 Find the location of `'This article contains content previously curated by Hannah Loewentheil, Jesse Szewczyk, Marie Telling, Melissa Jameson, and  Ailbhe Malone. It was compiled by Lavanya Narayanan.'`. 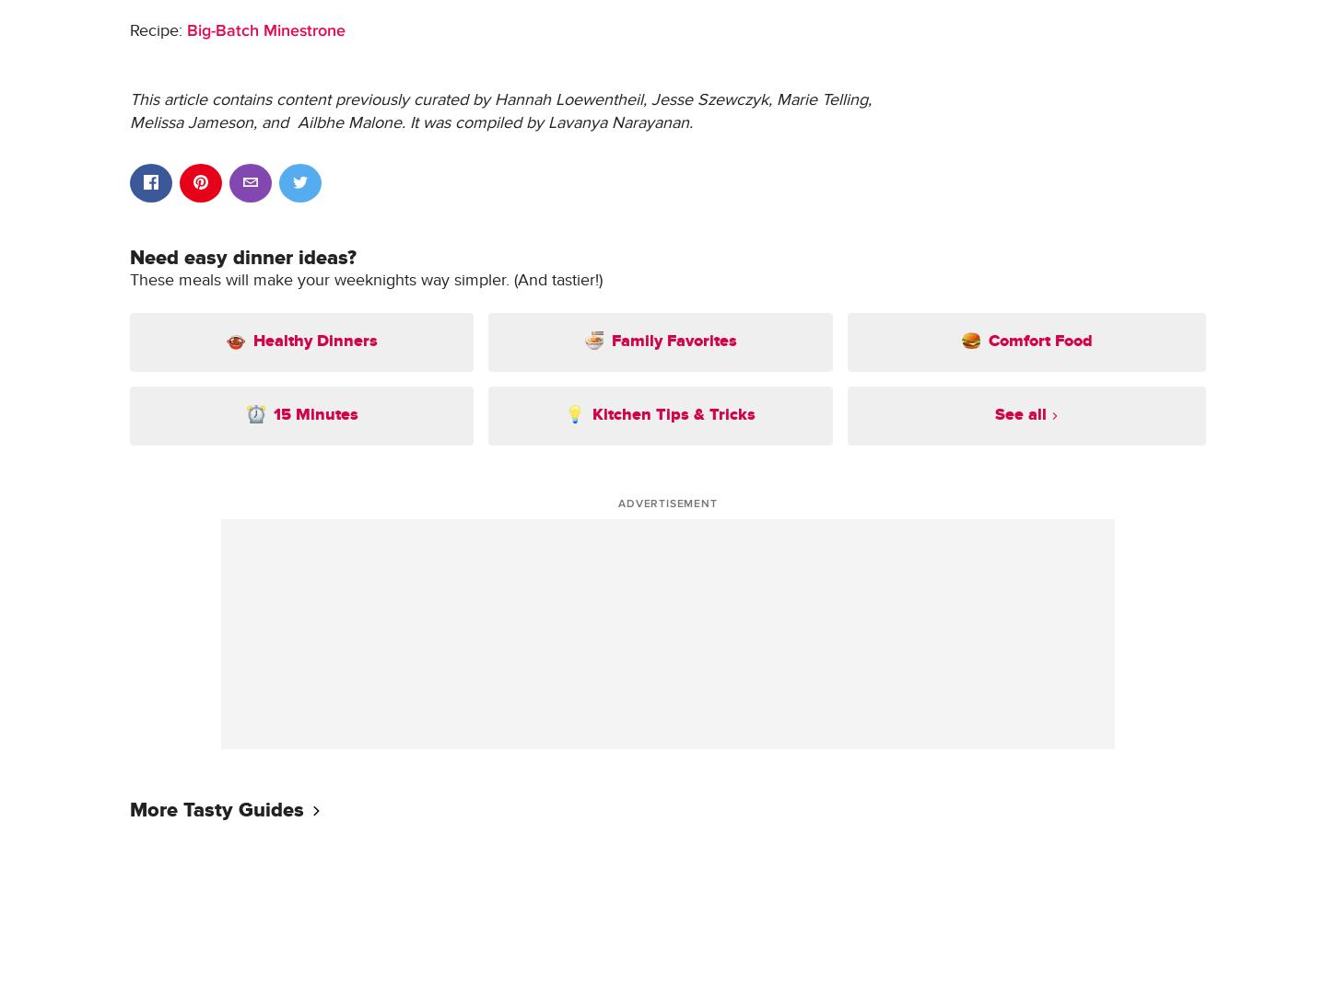

'This article contains content previously curated by Hannah Loewentheil, Jesse Szewczyk, Marie Telling, Melissa Jameson, and  Ailbhe Malone. It was compiled by Lavanya Narayanan.' is located at coordinates (128, 110).